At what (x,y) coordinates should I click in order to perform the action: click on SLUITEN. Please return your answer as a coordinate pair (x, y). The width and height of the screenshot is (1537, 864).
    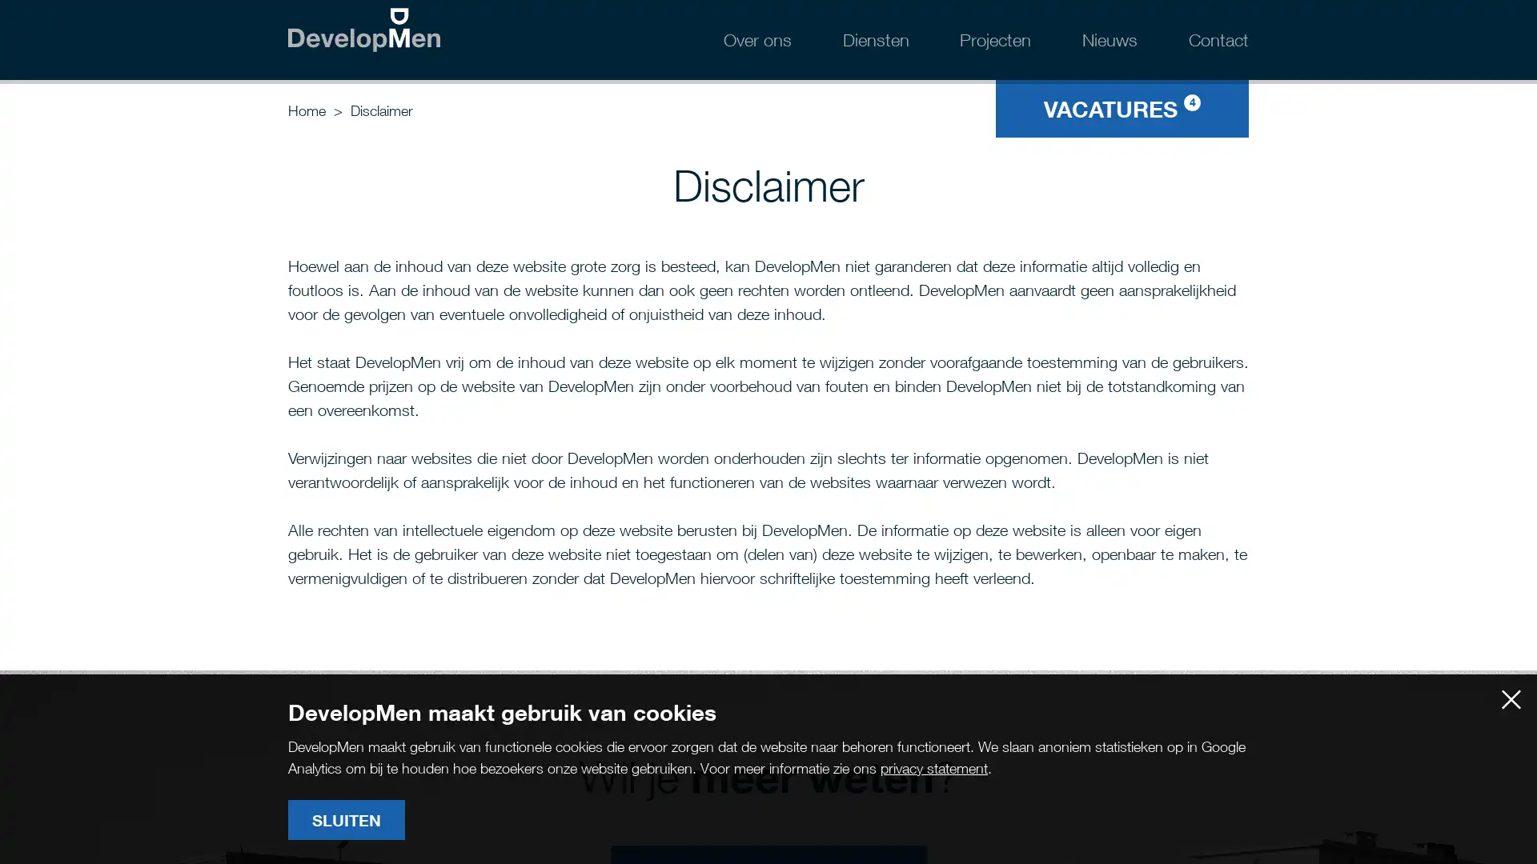
    Looking at the image, I should click on (345, 820).